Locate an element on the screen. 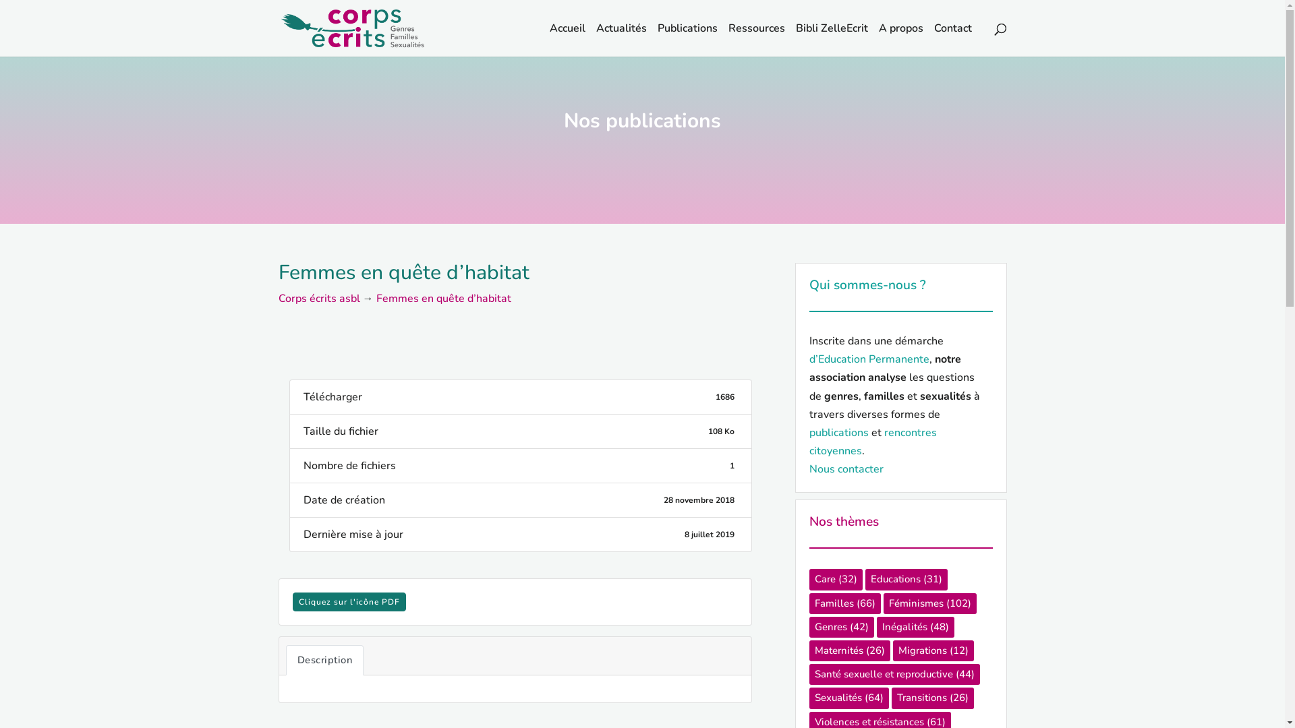  'Genres (42)' is located at coordinates (841, 627).